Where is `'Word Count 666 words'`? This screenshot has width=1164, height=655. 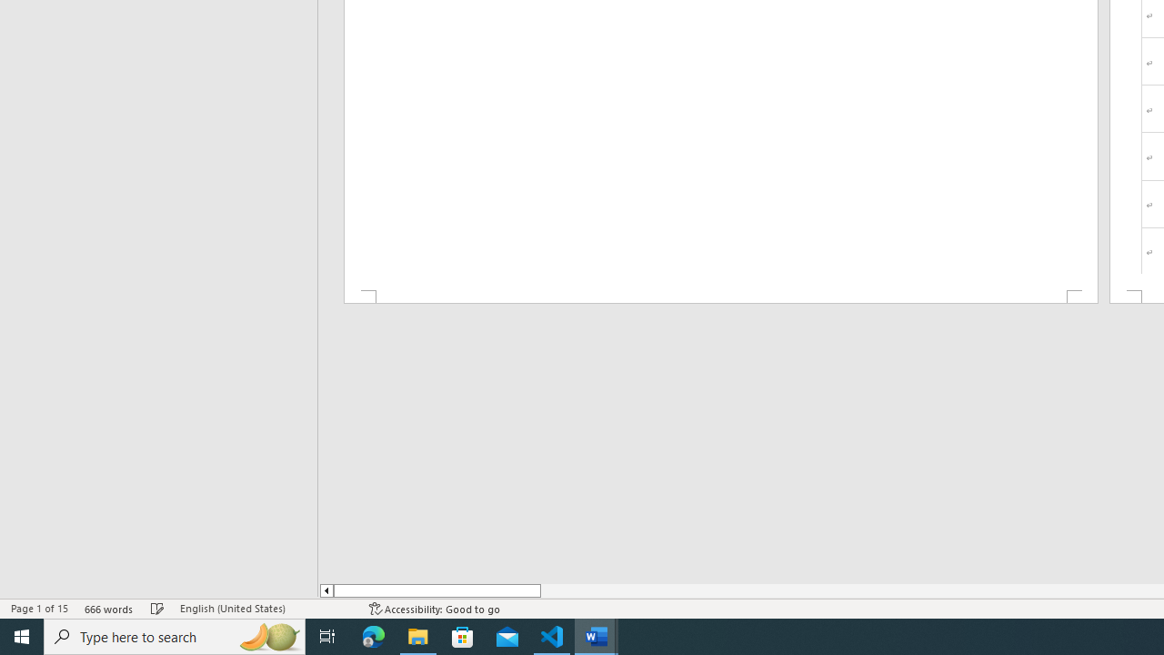 'Word Count 666 words' is located at coordinates (108, 609).